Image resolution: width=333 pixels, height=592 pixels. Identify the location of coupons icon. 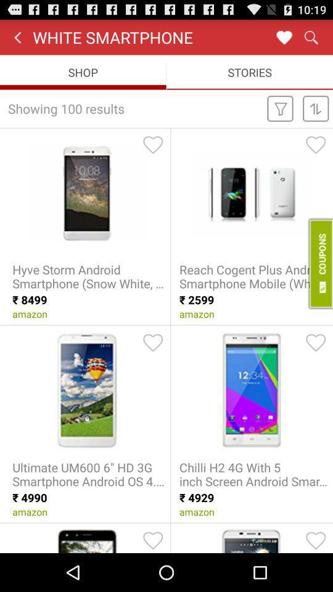
(319, 263).